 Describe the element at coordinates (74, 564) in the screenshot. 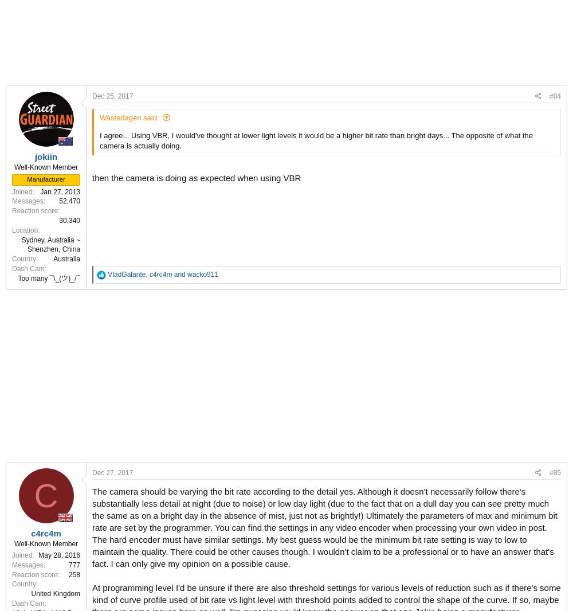

I see `'777'` at that location.